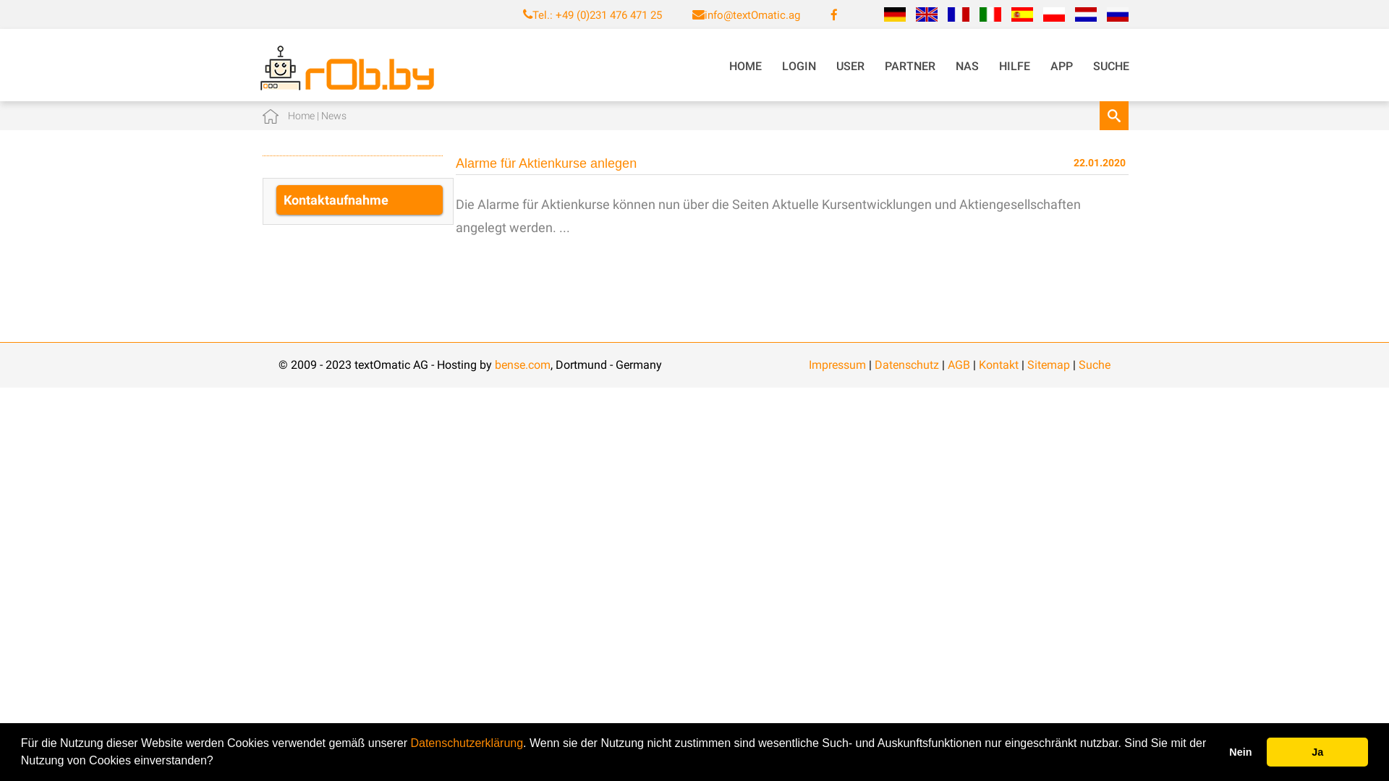 The image size is (1389, 781). I want to click on 'Ja', so click(1317, 751).